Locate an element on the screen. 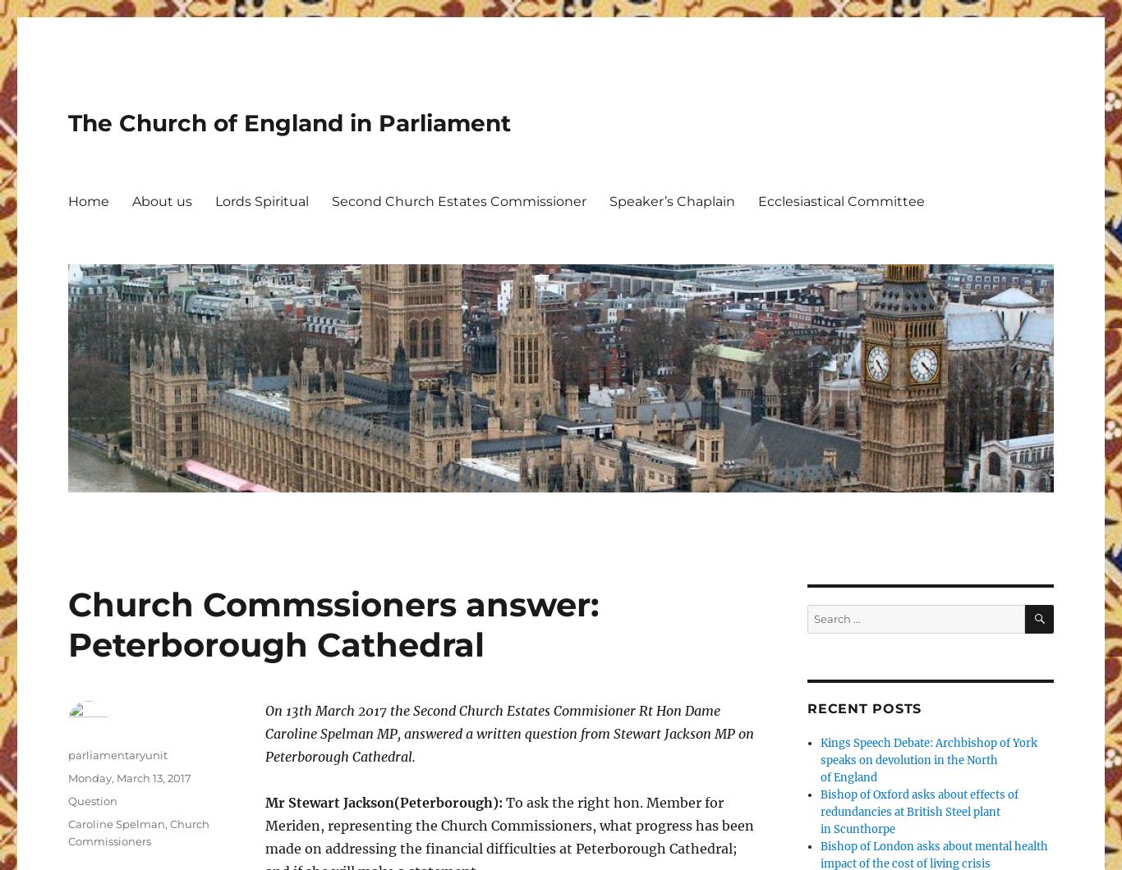 The height and width of the screenshot is (870, 1122). 'Church Commssioners answer: Peterborough Cathedral' is located at coordinates (332, 623).